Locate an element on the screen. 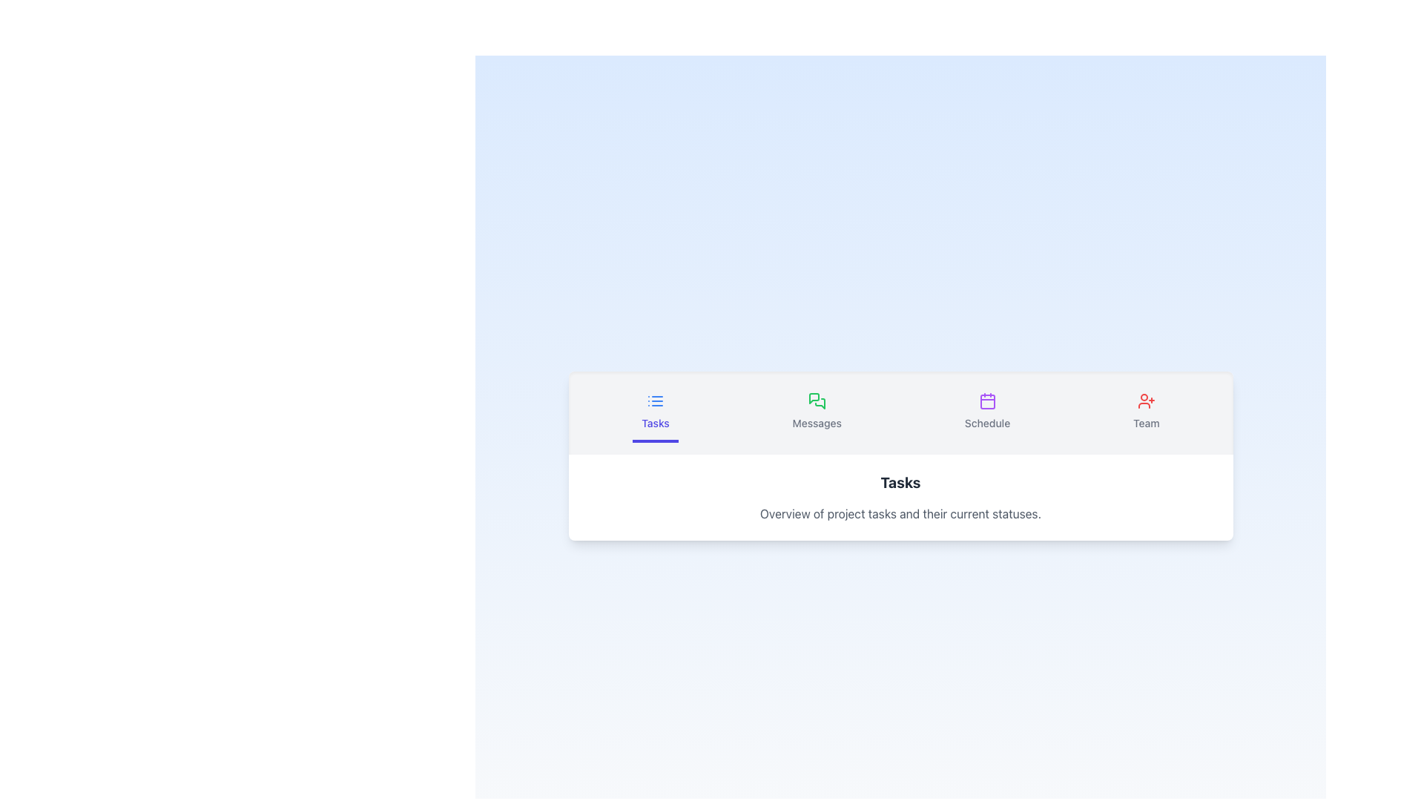  bold, centered text label that reads 'Tasks', prominently positioned below the navigation bar is located at coordinates (900, 483).